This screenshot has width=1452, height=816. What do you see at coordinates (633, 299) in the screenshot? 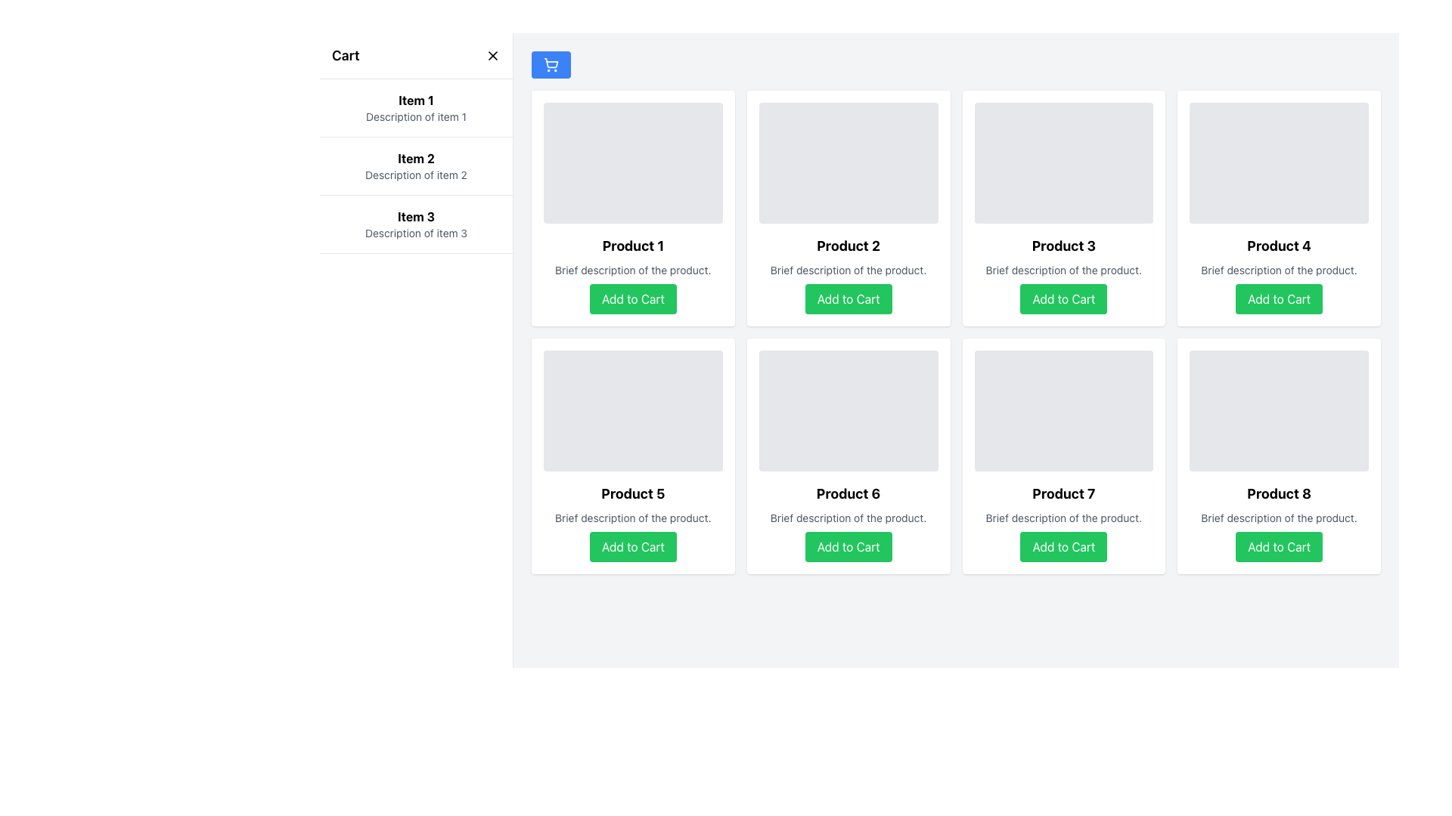
I see `the 'Add to Cart' button with a green background located at the bottom of the card for 'Product 1'` at bounding box center [633, 299].